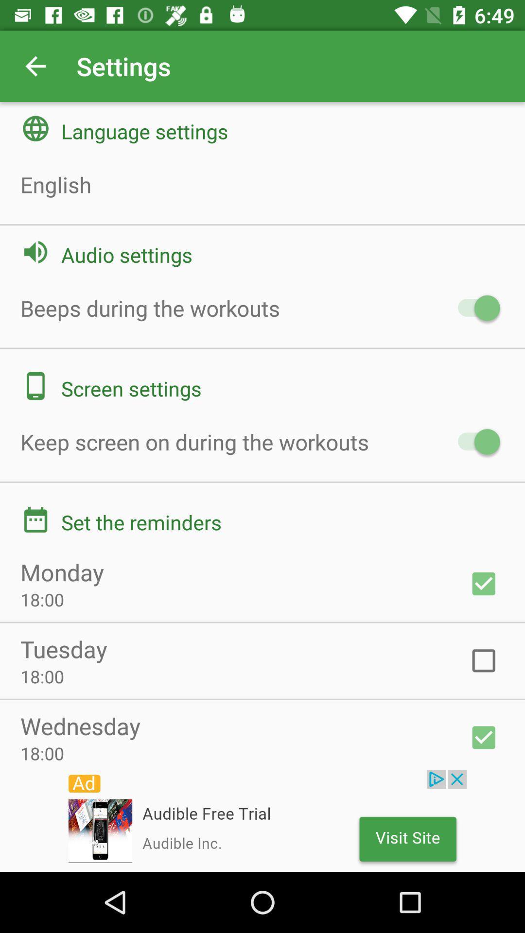 This screenshot has height=933, width=525. Describe the element at coordinates (484, 583) in the screenshot. I see `tick option` at that location.